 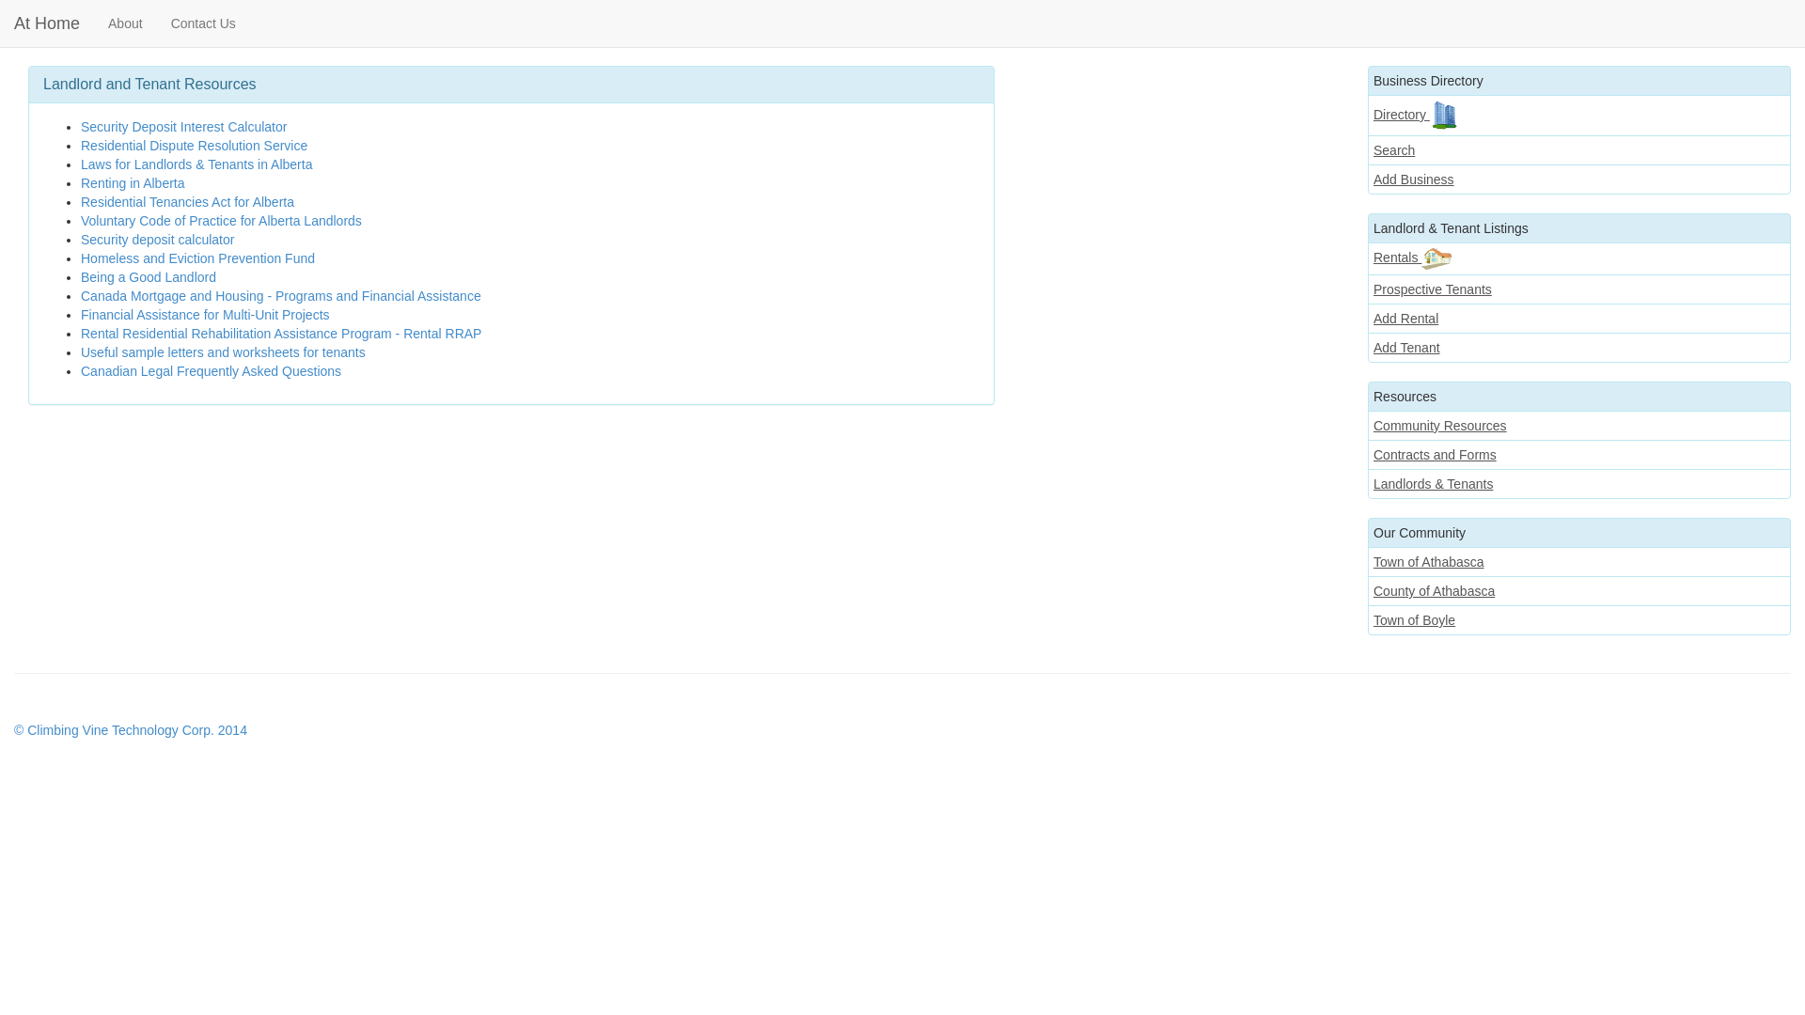 What do you see at coordinates (196, 163) in the screenshot?
I see `'Laws for Landlords & Tenants in Alberta'` at bounding box center [196, 163].